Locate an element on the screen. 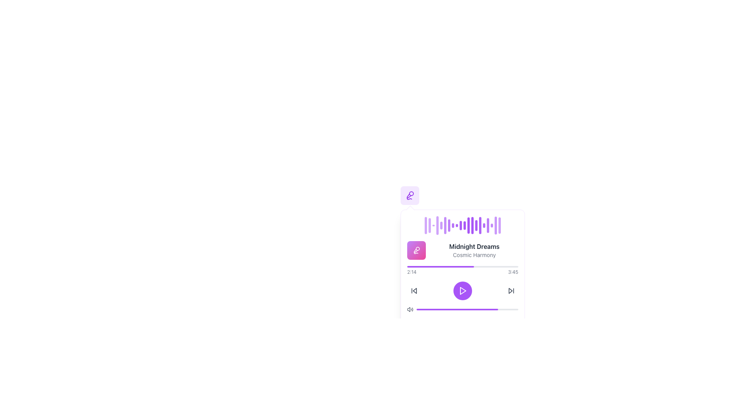 The width and height of the screenshot is (746, 420). the skip-backward button located in the media player controls to skip to the previous track or section is located at coordinates (413, 291).